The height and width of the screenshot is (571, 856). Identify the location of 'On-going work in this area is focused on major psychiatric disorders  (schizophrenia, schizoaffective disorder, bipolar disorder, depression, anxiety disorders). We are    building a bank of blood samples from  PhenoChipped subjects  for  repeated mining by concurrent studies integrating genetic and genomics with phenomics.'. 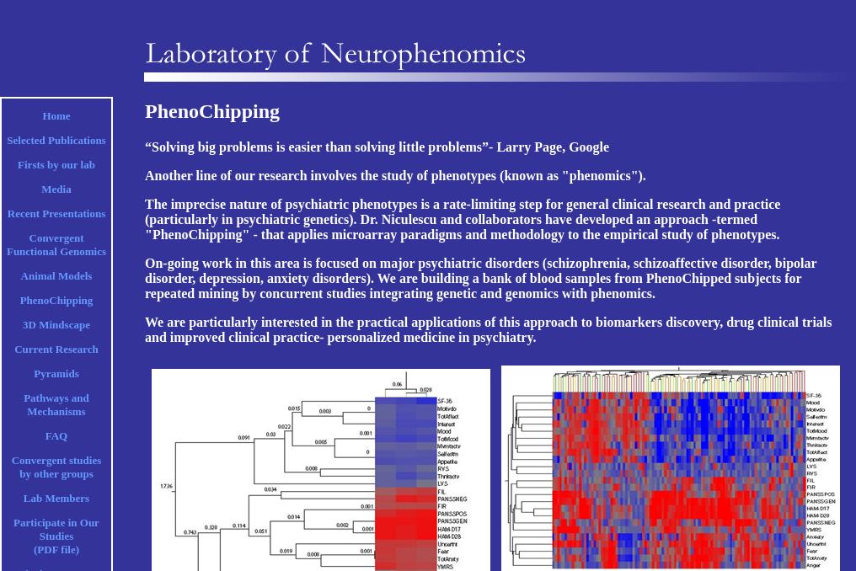
(479, 277).